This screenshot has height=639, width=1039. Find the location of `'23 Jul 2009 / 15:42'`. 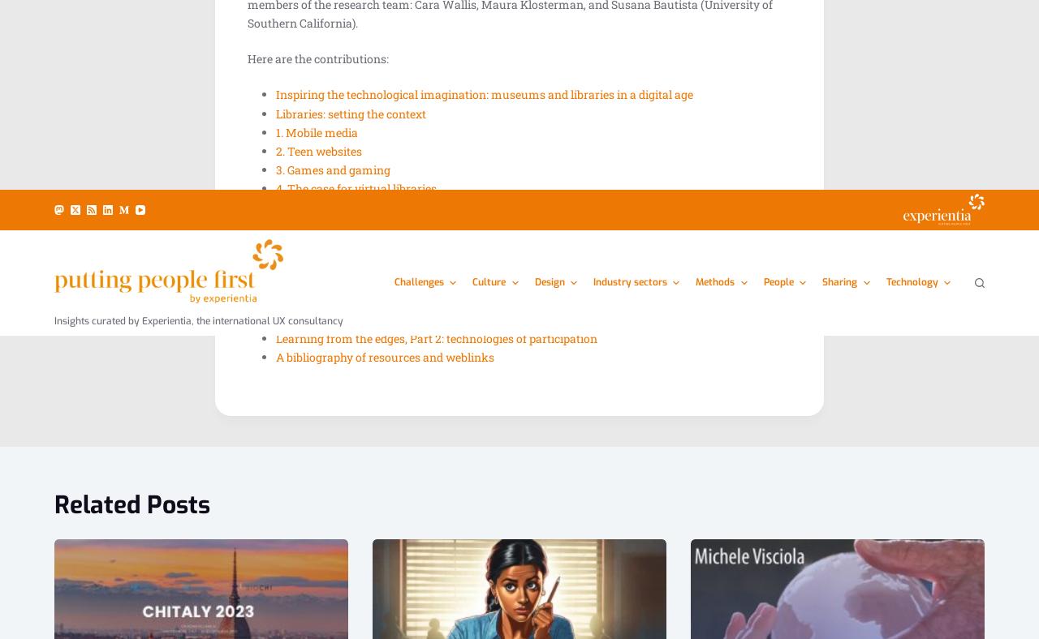

'23 Jul 2009 / 15:42' is located at coordinates (744, 142).